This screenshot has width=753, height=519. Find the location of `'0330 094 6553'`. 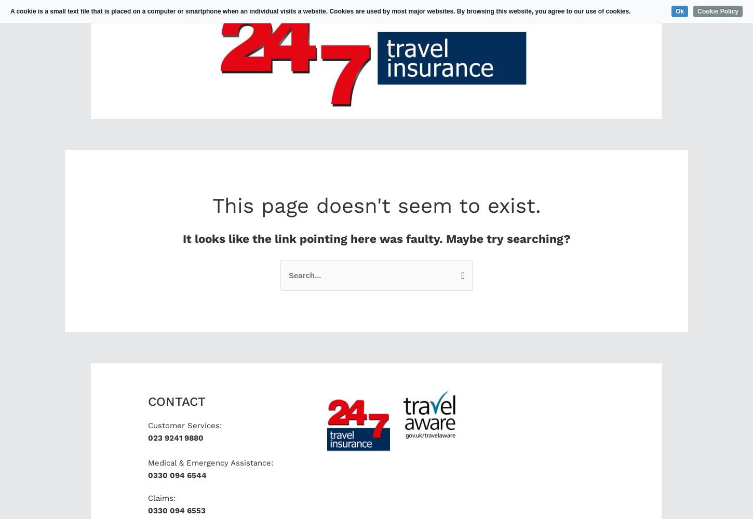

'0330 094 6553' is located at coordinates (177, 510).